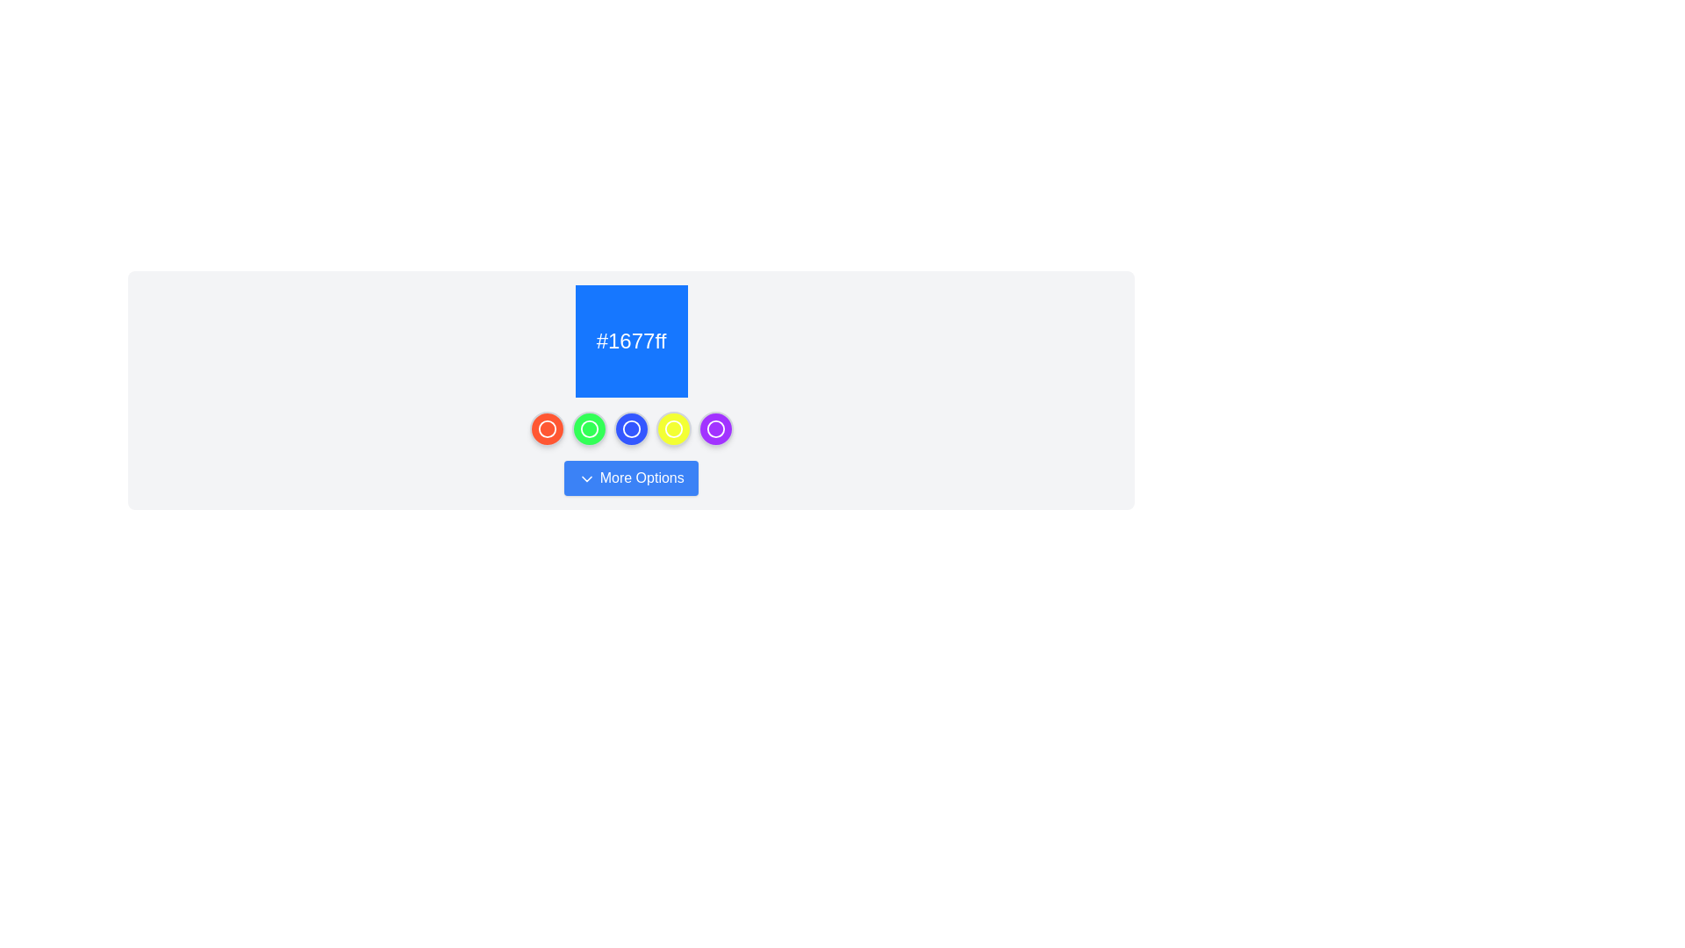 This screenshot has width=1685, height=948. I want to click on the third circular icon in the row of colorful circular buttons, located below a blue square labeled '#1677ff', so click(631, 429).